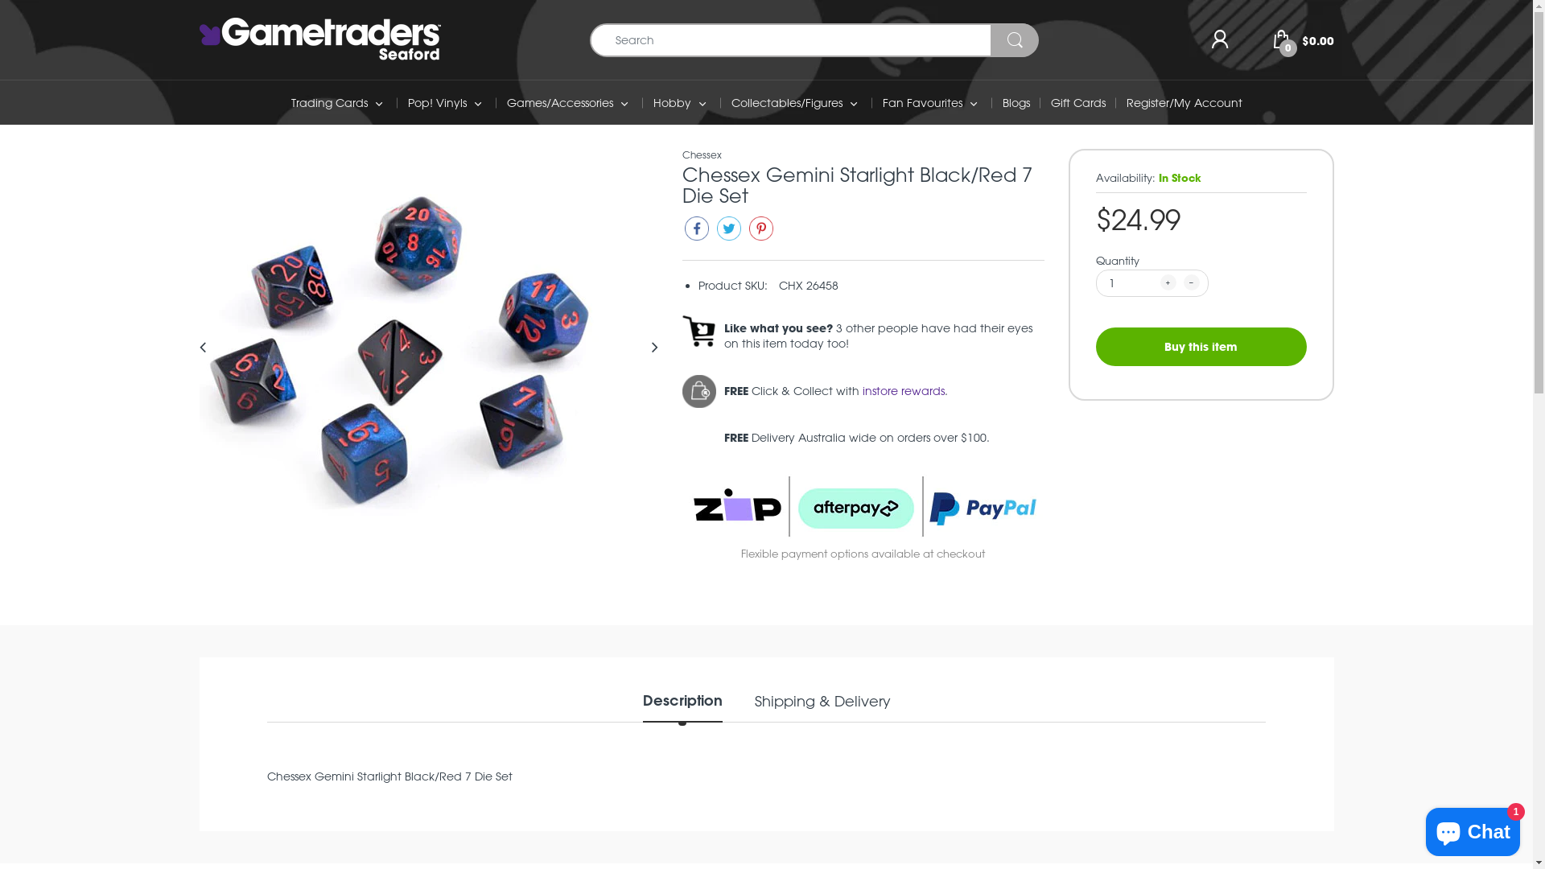  What do you see at coordinates (904, 390) in the screenshot?
I see `'instore rewards'` at bounding box center [904, 390].